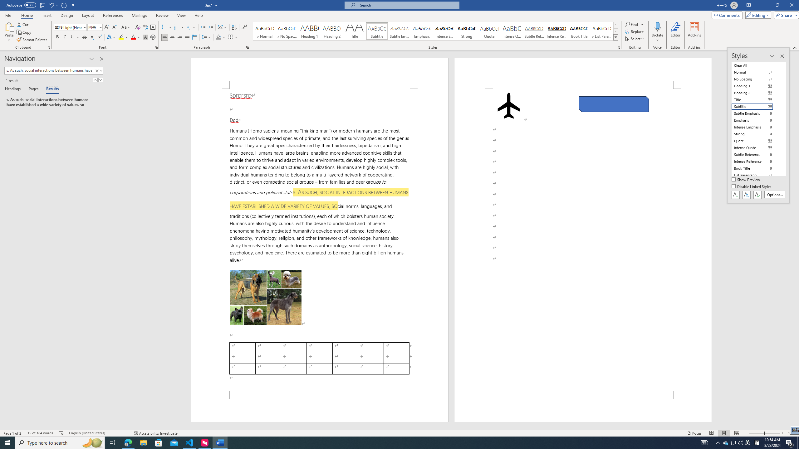  I want to click on 'Heading 2', so click(332, 31).